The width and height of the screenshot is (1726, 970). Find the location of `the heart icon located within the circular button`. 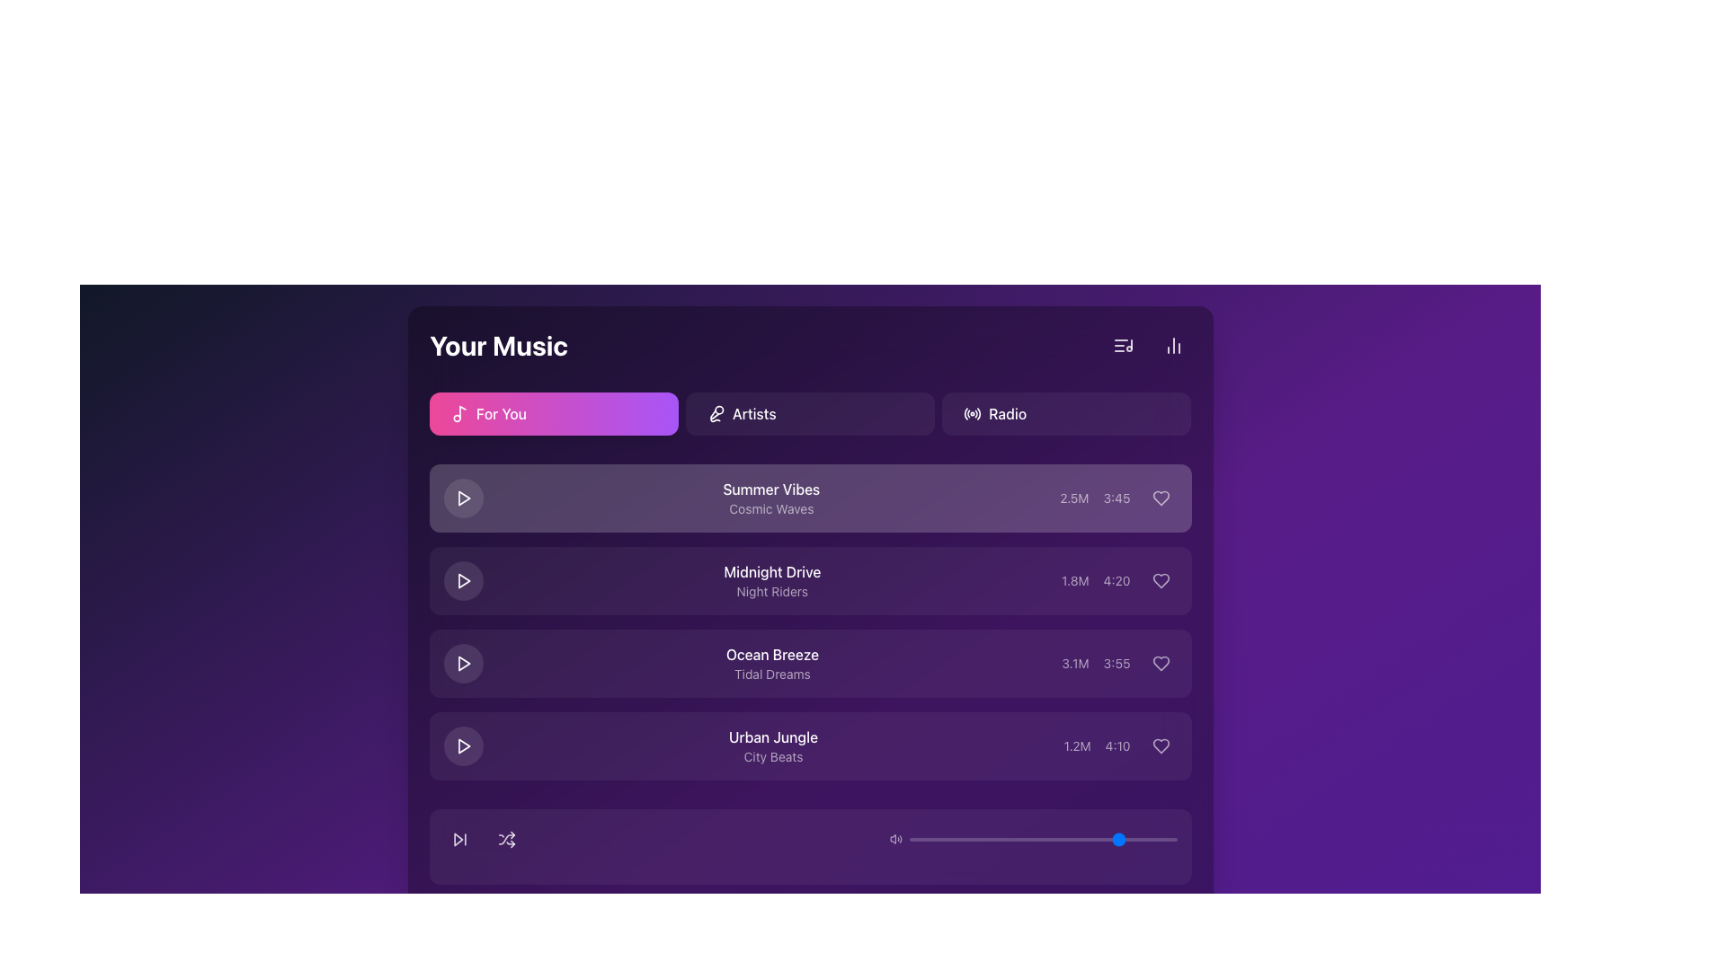

the heart icon located within the circular button is located at coordinates (1161, 498).